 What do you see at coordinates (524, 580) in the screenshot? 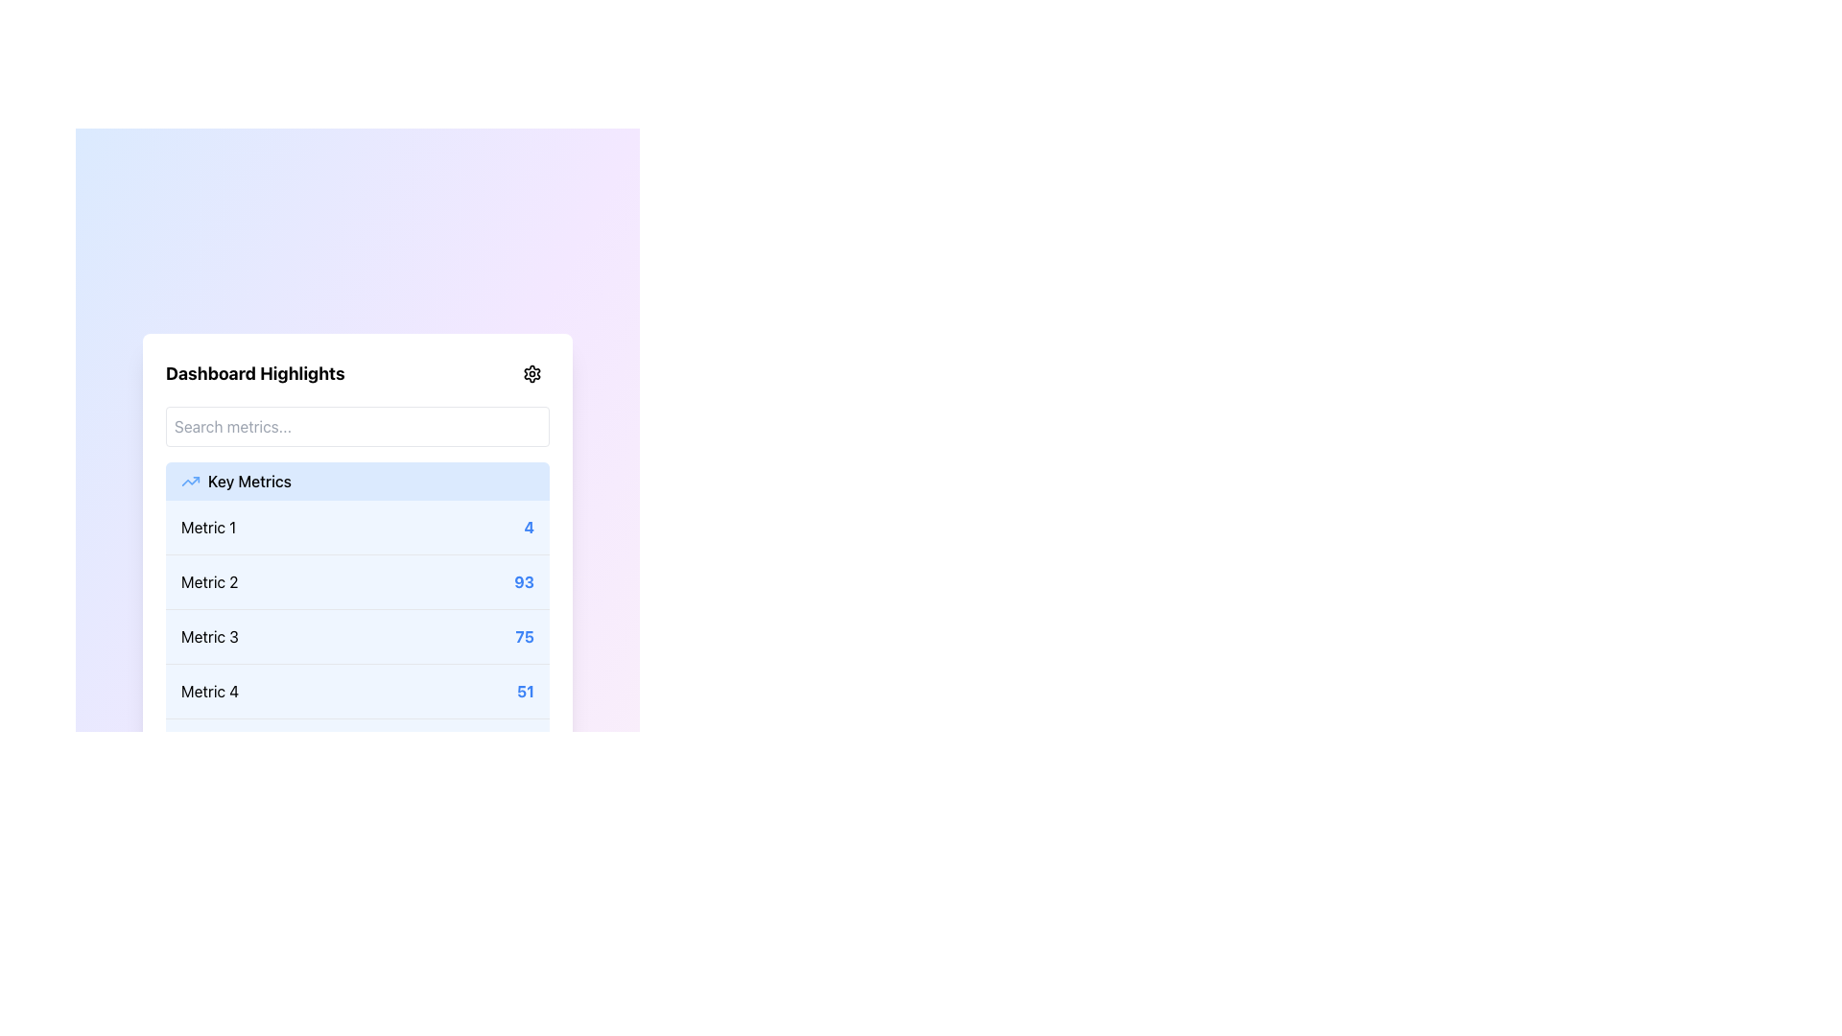
I see `the bold blue number '93' which represents the numerical value of 'Metric 2' in a vertical list of key metrics` at bounding box center [524, 580].